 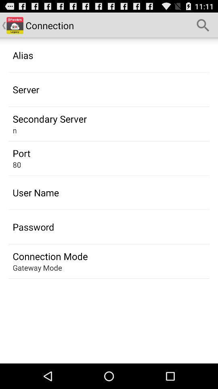 What do you see at coordinates (37, 267) in the screenshot?
I see `the item below the connection mode icon` at bounding box center [37, 267].